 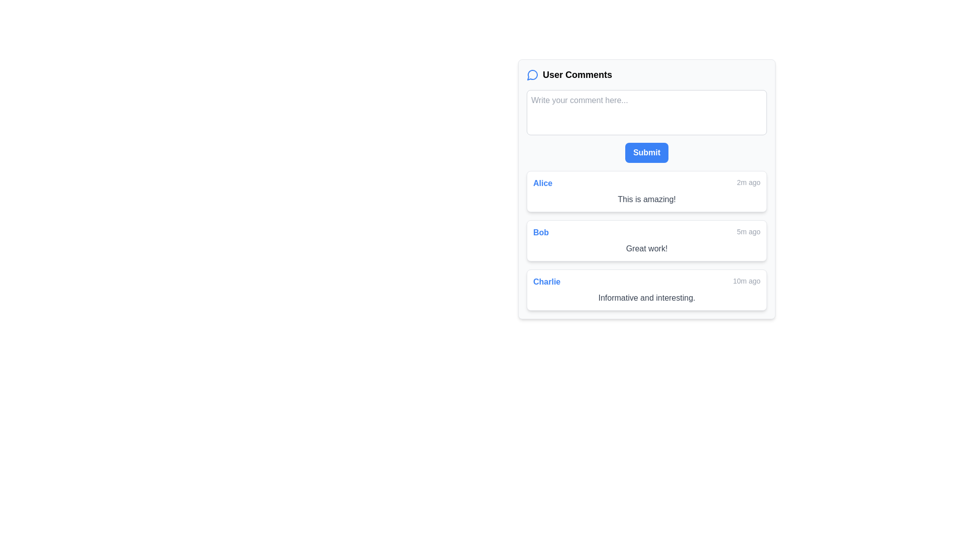 I want to click on the text label displaying '2m ago' which is located to the right of the name 'Alice' in the comment item, so click(x=748, y=184).